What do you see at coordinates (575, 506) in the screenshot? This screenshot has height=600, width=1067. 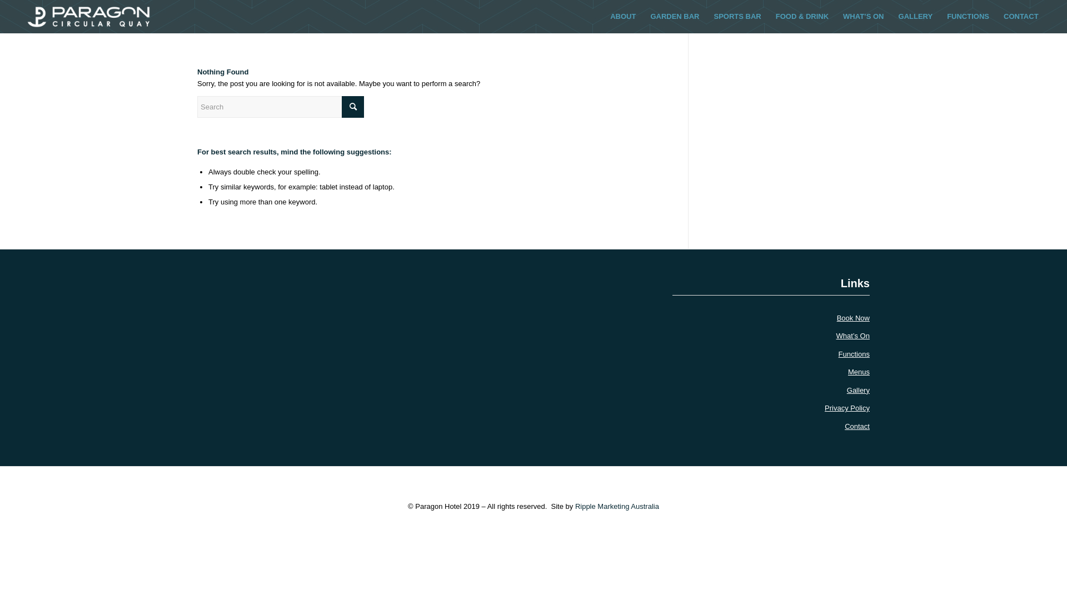 I see `'Ripple Marketing Australia'` at bounding box center [575, 506].